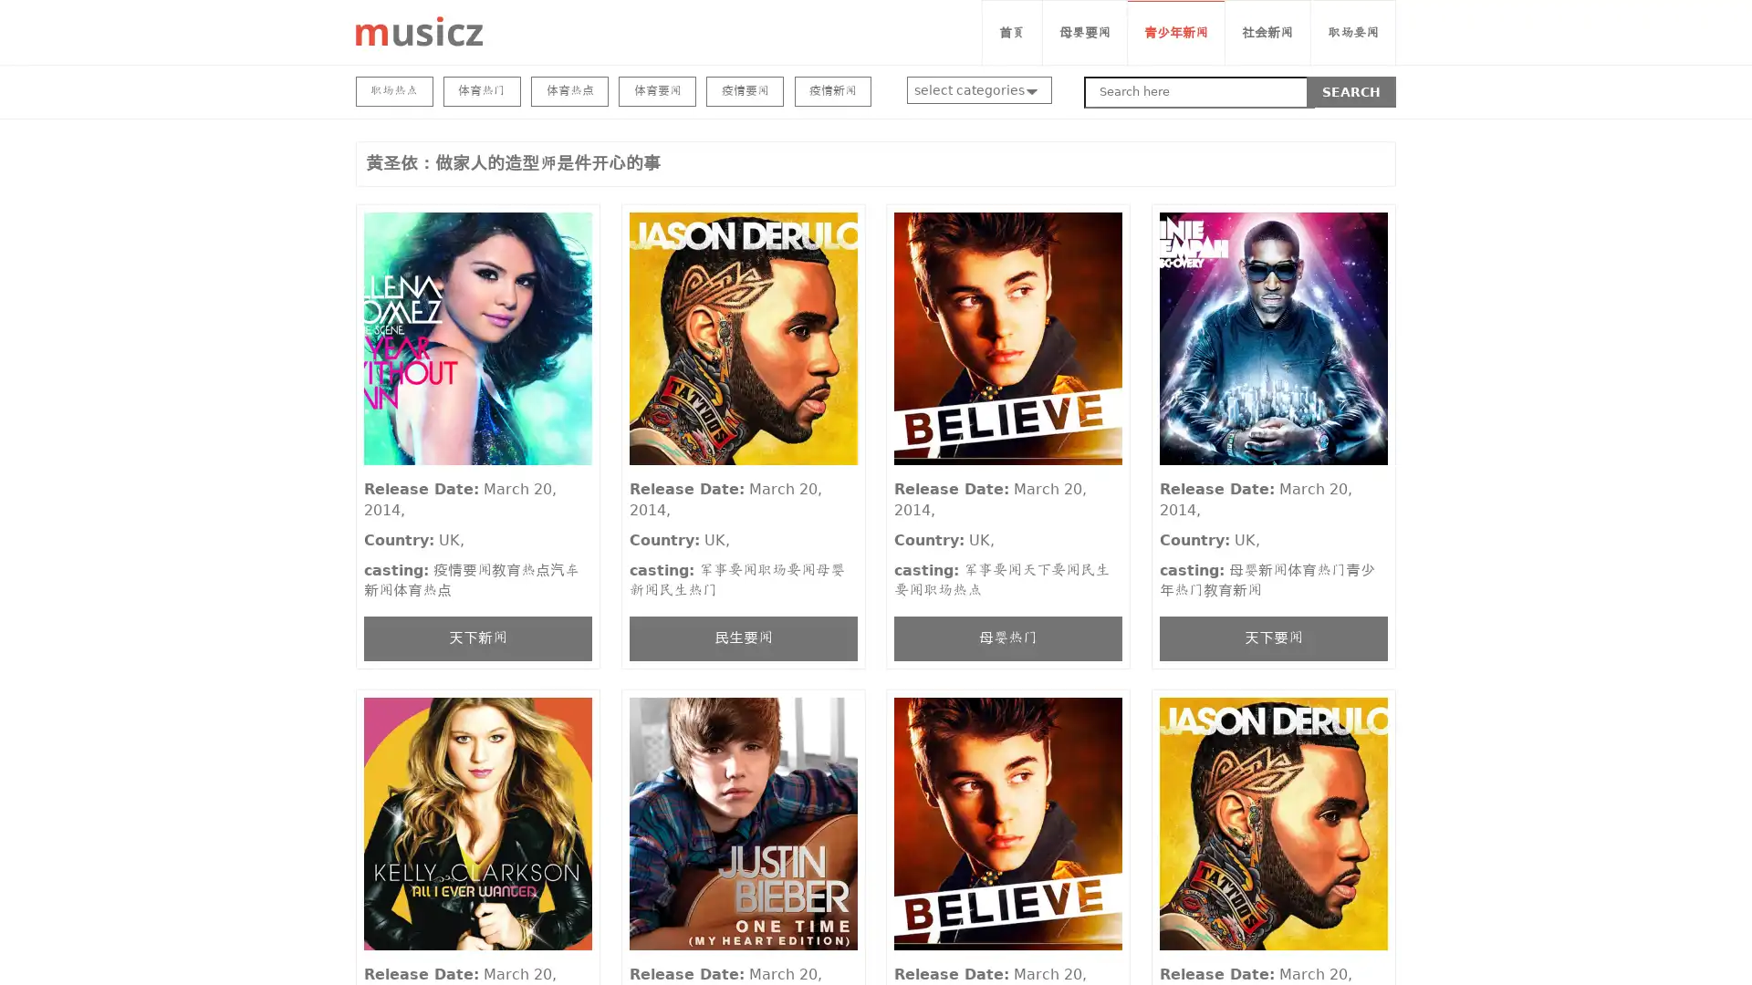 This screenshot has height=985, width=1752. Describe the element at coordinates (1351, 91) in the screenshot. I see `search` at that location.